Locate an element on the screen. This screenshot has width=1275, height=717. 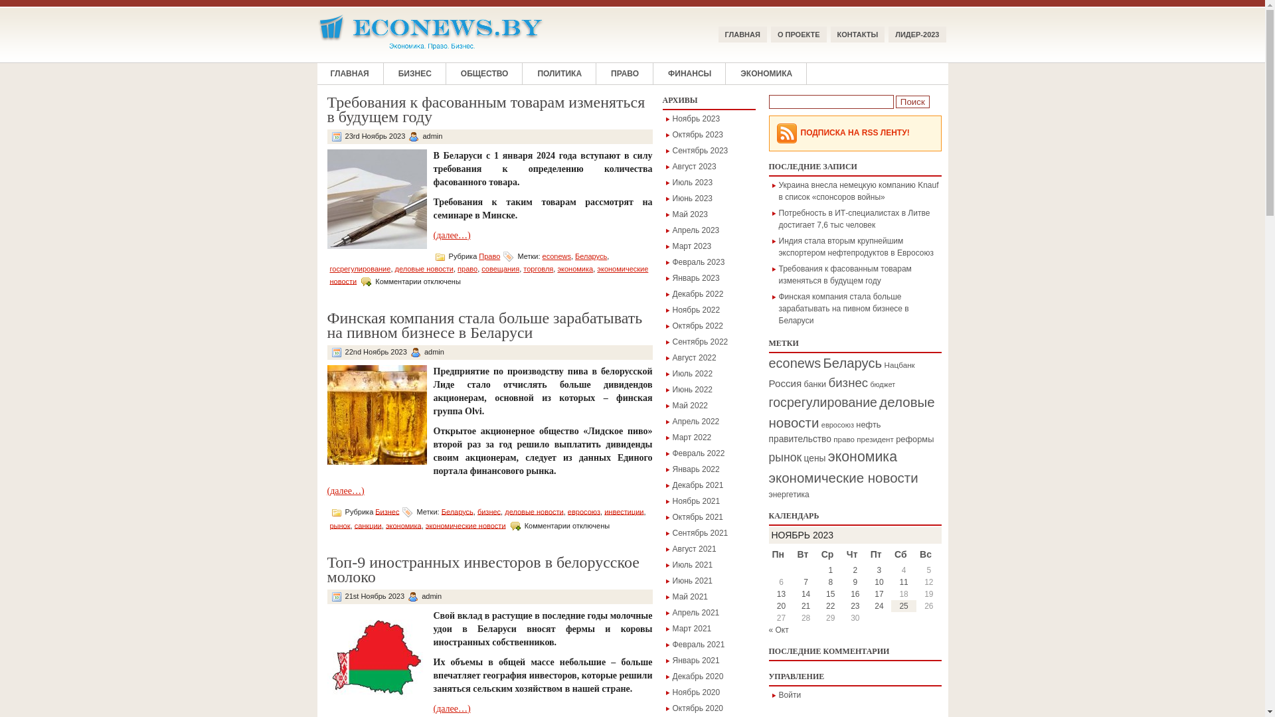
'23' is located at coordinates (851, 606).